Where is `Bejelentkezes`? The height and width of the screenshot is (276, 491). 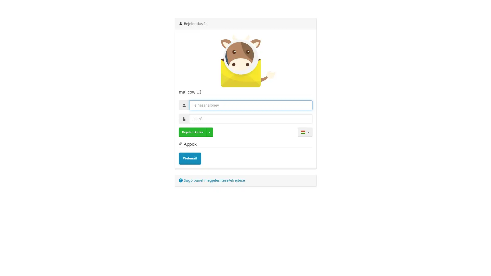 Bejelentkezes is located at coordinates (192, 132).